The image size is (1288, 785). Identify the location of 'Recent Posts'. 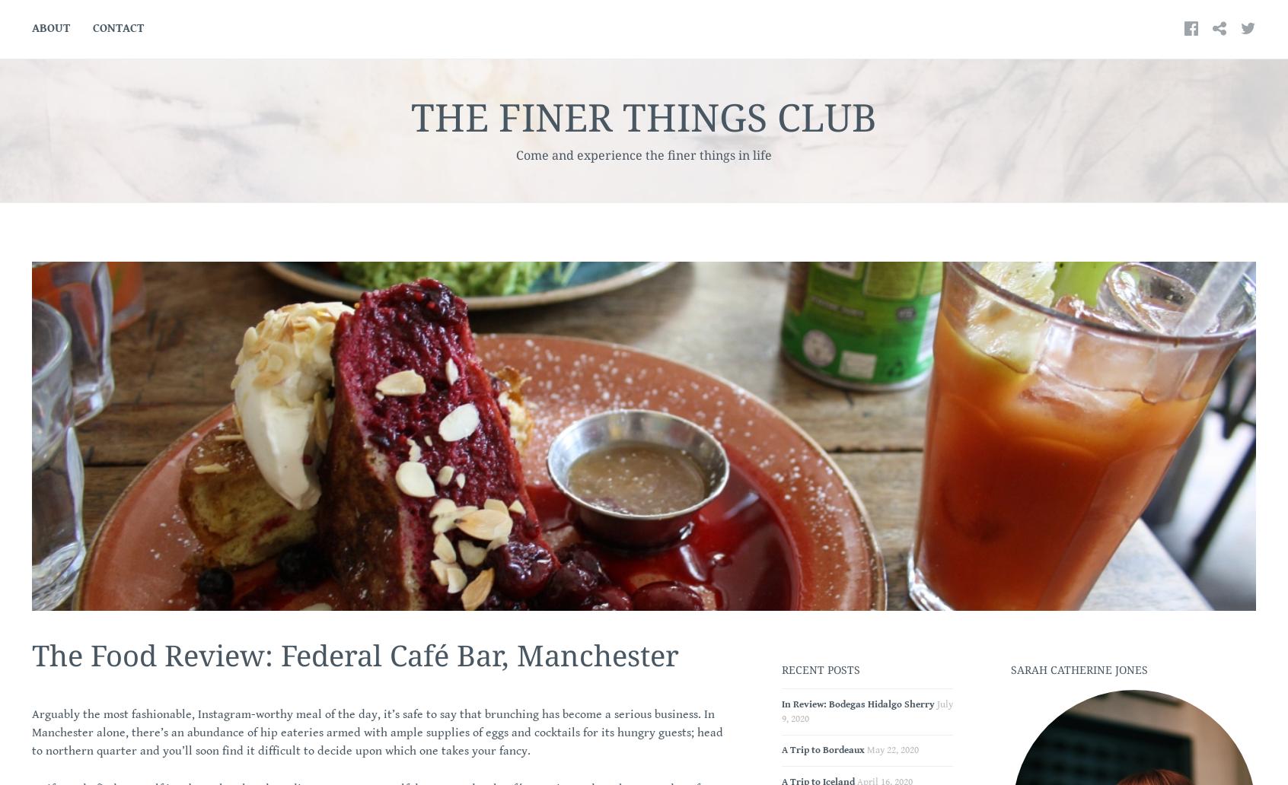
(820, 669).